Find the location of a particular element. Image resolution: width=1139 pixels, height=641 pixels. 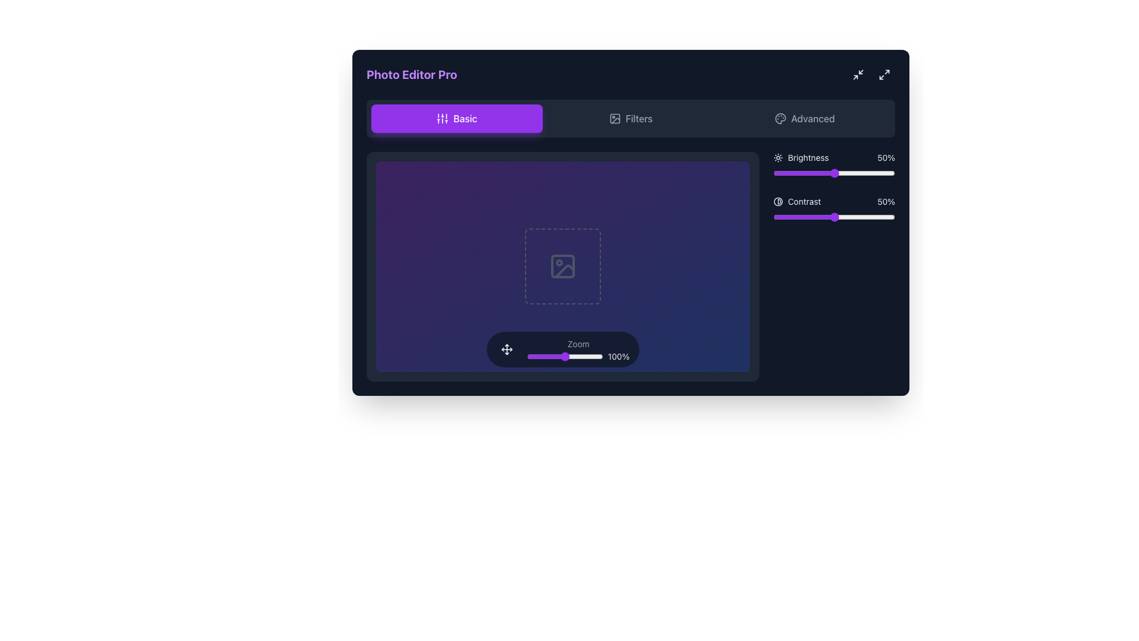

the Text Label located in the upper-right section of the interface, part of the horizontal menu bar, which likely serves as a navigation button for advanced editing options is located at coordinates (812, 119).